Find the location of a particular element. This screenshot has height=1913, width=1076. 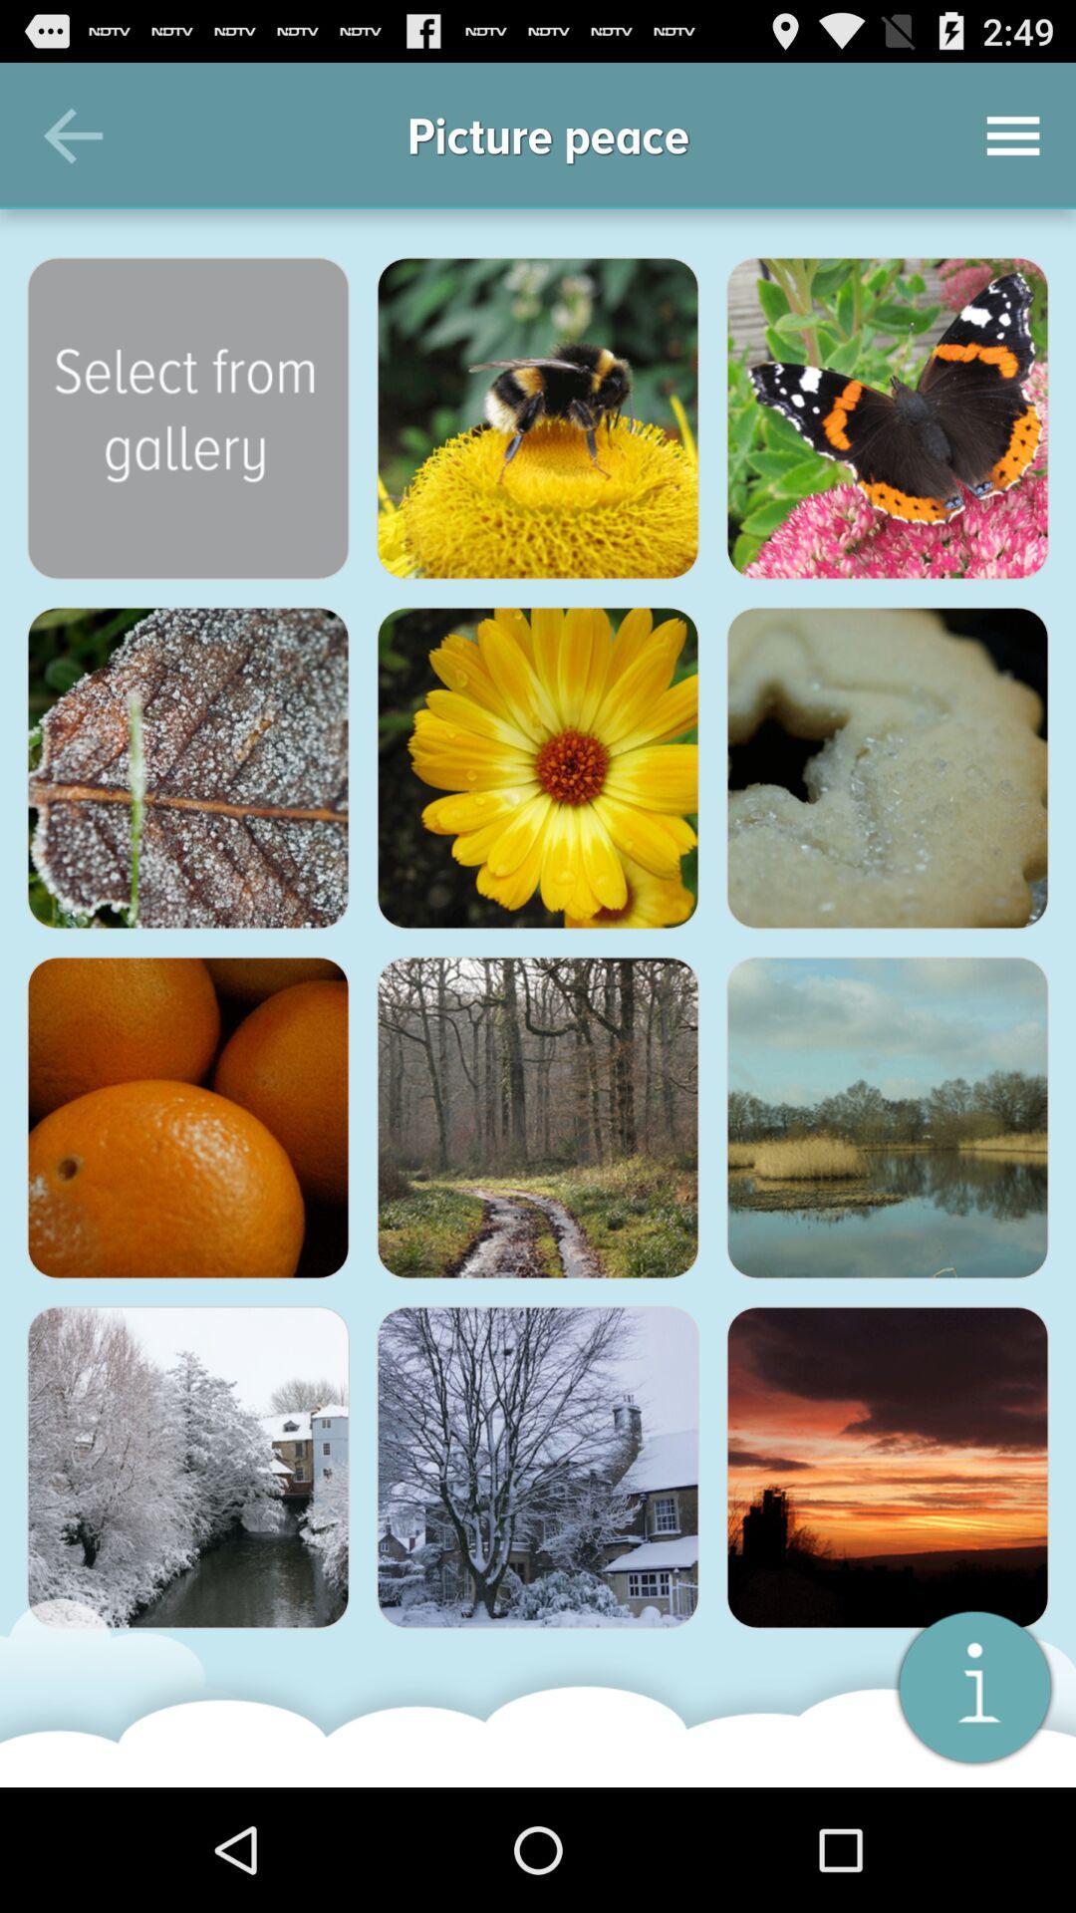

share the article is located at coordinates (188, 767).